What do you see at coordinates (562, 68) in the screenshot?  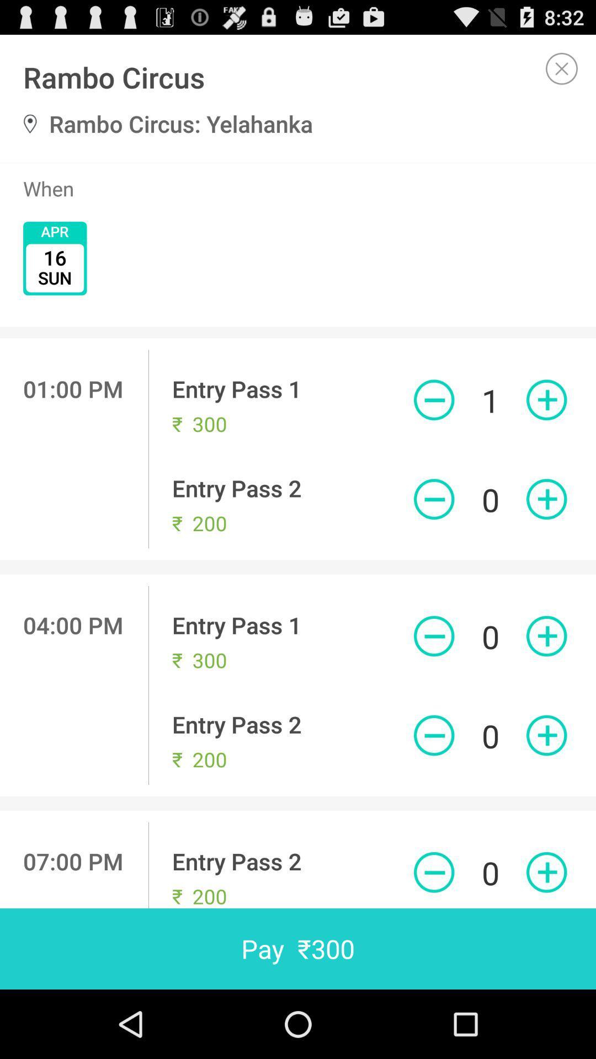 I see `exit selected screening` at bounding box center [562, 68].